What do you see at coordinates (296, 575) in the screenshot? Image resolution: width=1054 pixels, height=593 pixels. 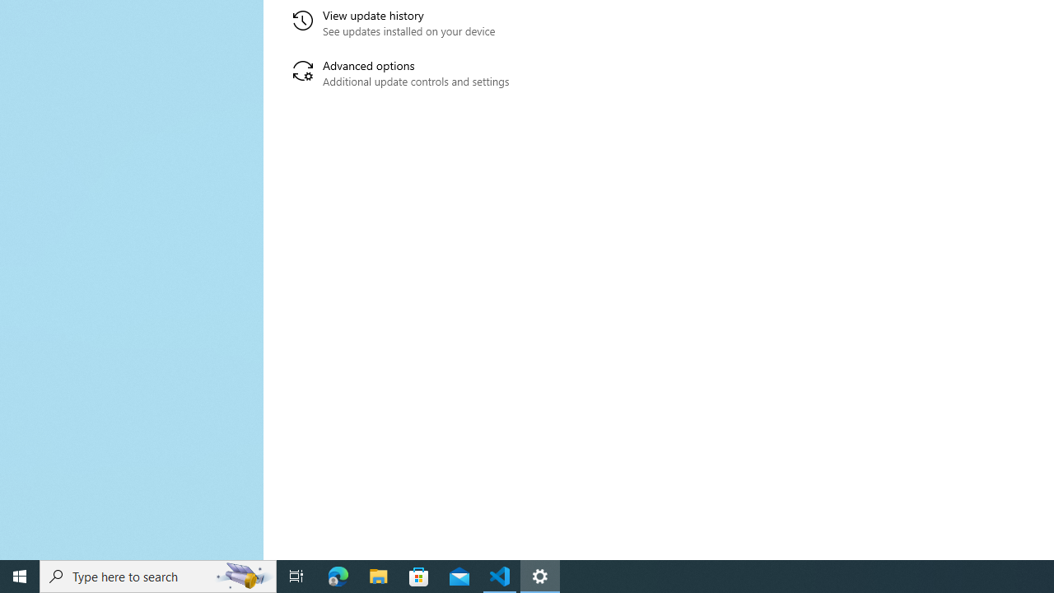 I see `'Task View'` at bounding box center [296, 575].